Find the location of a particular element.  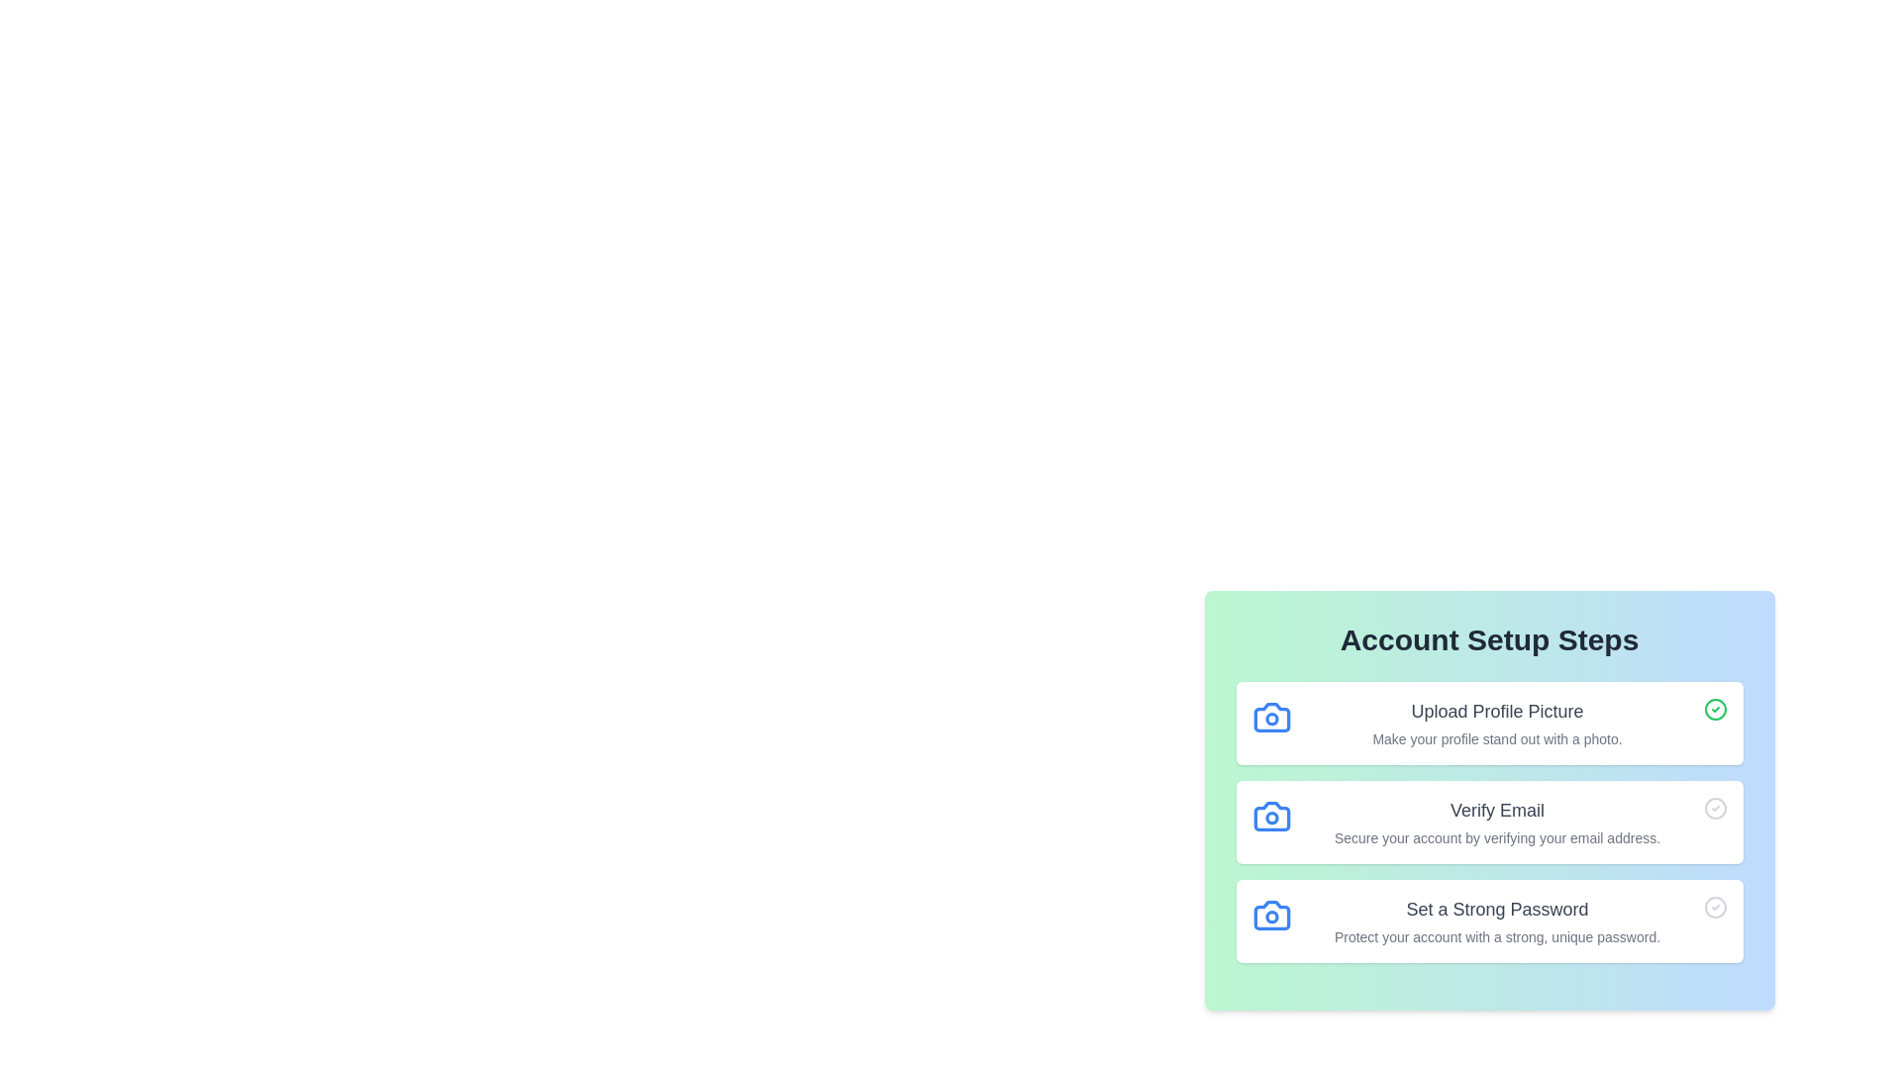

the icon associated with the checklist item Set a Strong Password is located at coordinates (1271, 916).